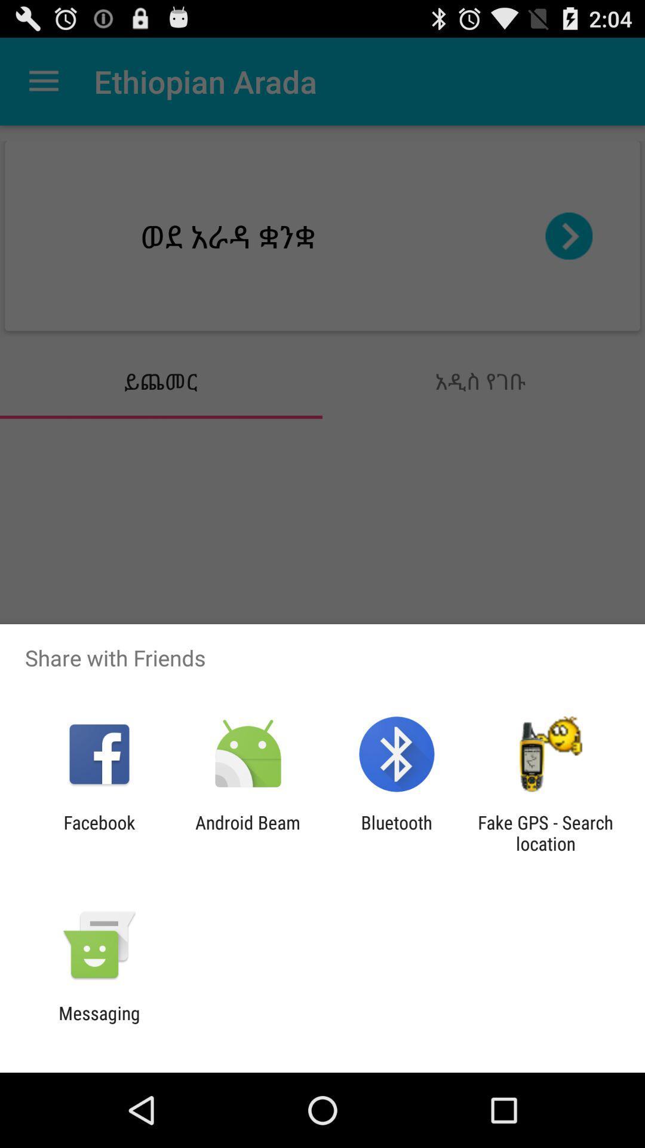  Describe the element at coordinates (397, 832) in the screenshot. I see `bluetooth app` at that location.